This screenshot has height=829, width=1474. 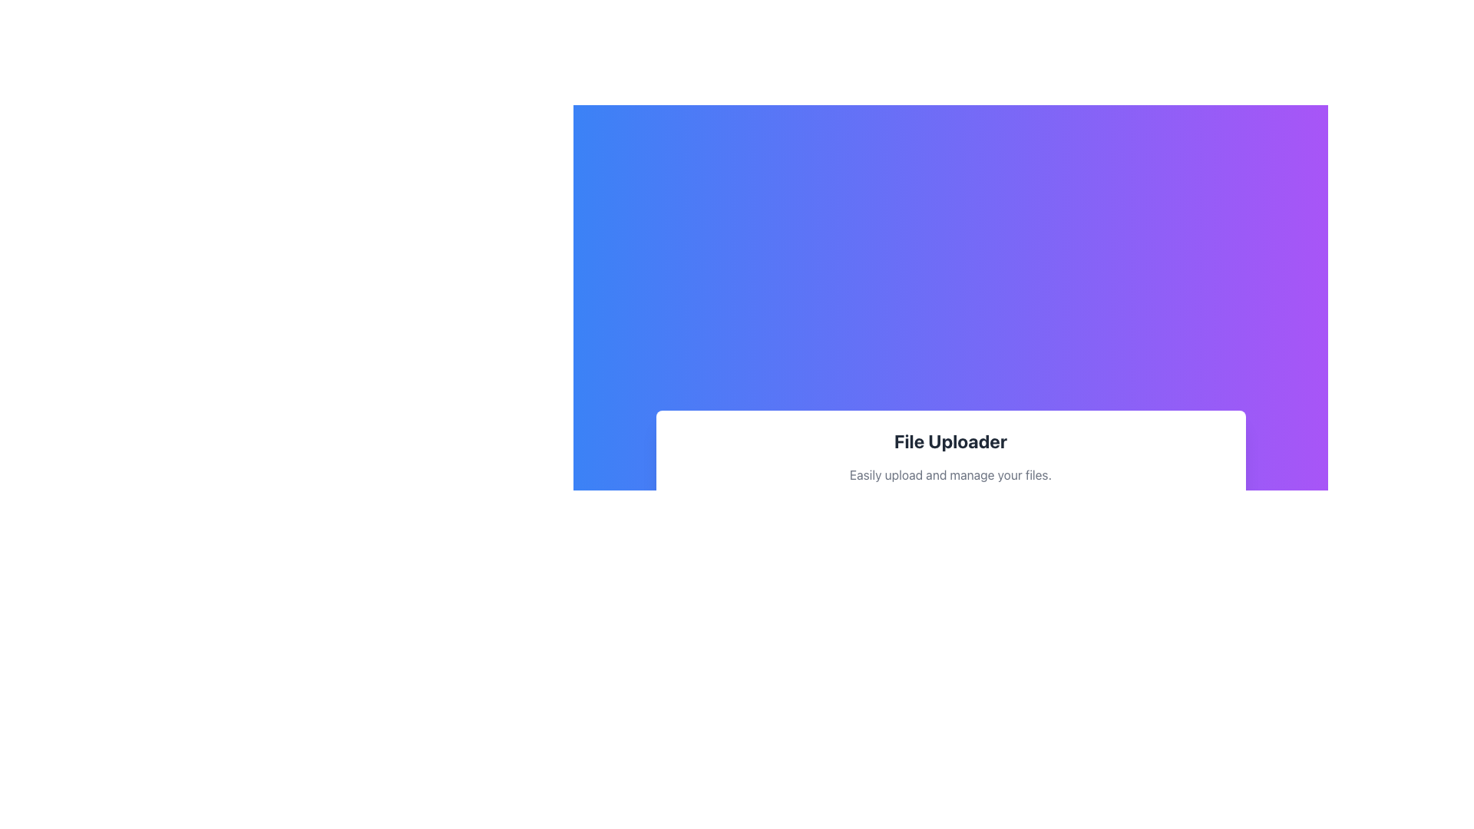 I want to click on the section labeled, so click(x=950, y=441).